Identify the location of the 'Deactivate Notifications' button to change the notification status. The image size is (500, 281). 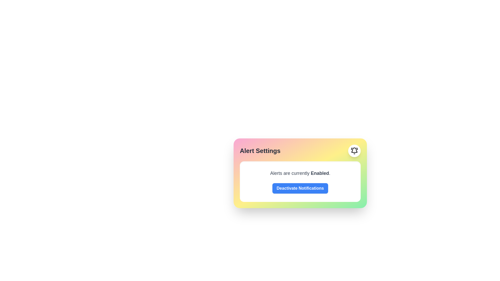
(300, 188).